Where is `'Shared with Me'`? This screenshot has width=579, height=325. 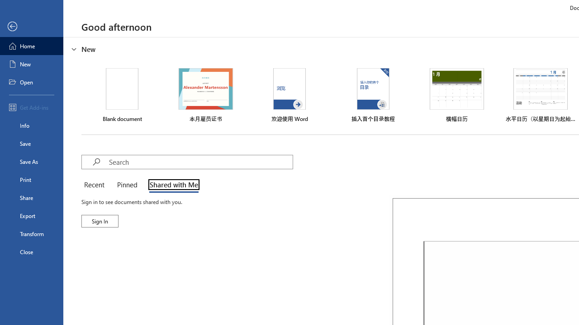 'Shared with Me' is located at coordinates (172, 185).